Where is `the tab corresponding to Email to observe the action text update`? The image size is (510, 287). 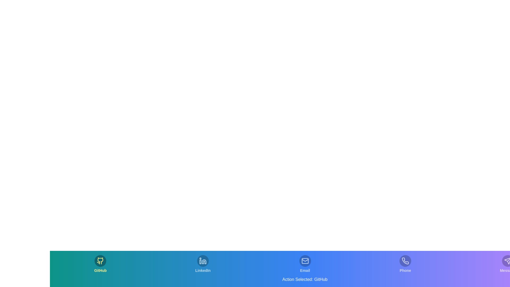
the tab corresponding to Email to observe the action text update is located at coordinates (305, 264).